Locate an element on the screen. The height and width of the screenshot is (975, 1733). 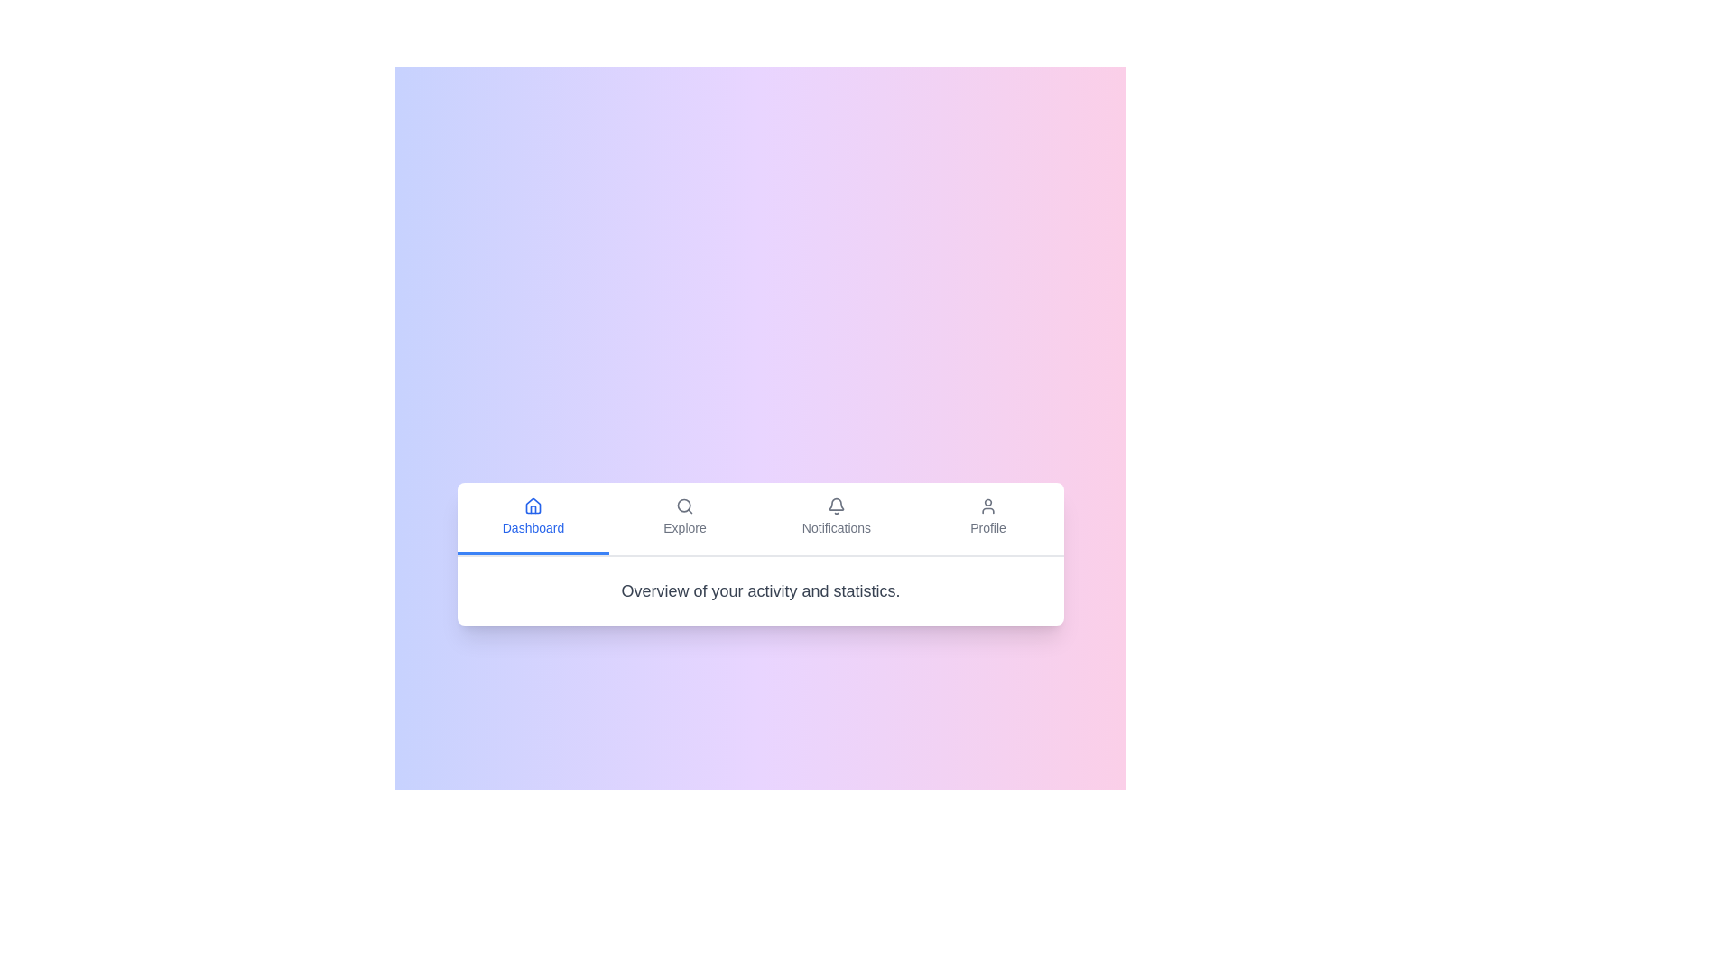
the Notifications tab is located at coordinates (835, 518).